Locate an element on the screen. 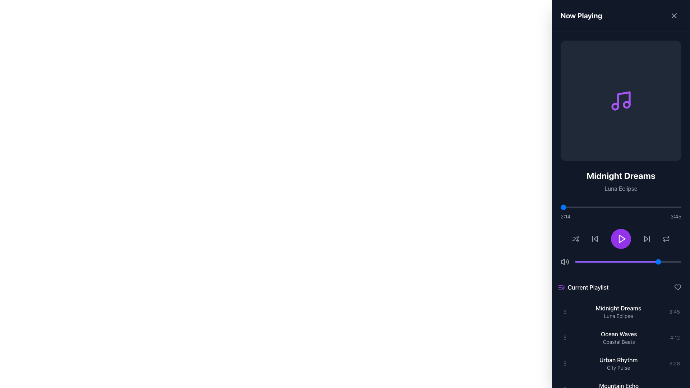 The image size is (690, 388). the playback progress is located at coordinates (579, 207).